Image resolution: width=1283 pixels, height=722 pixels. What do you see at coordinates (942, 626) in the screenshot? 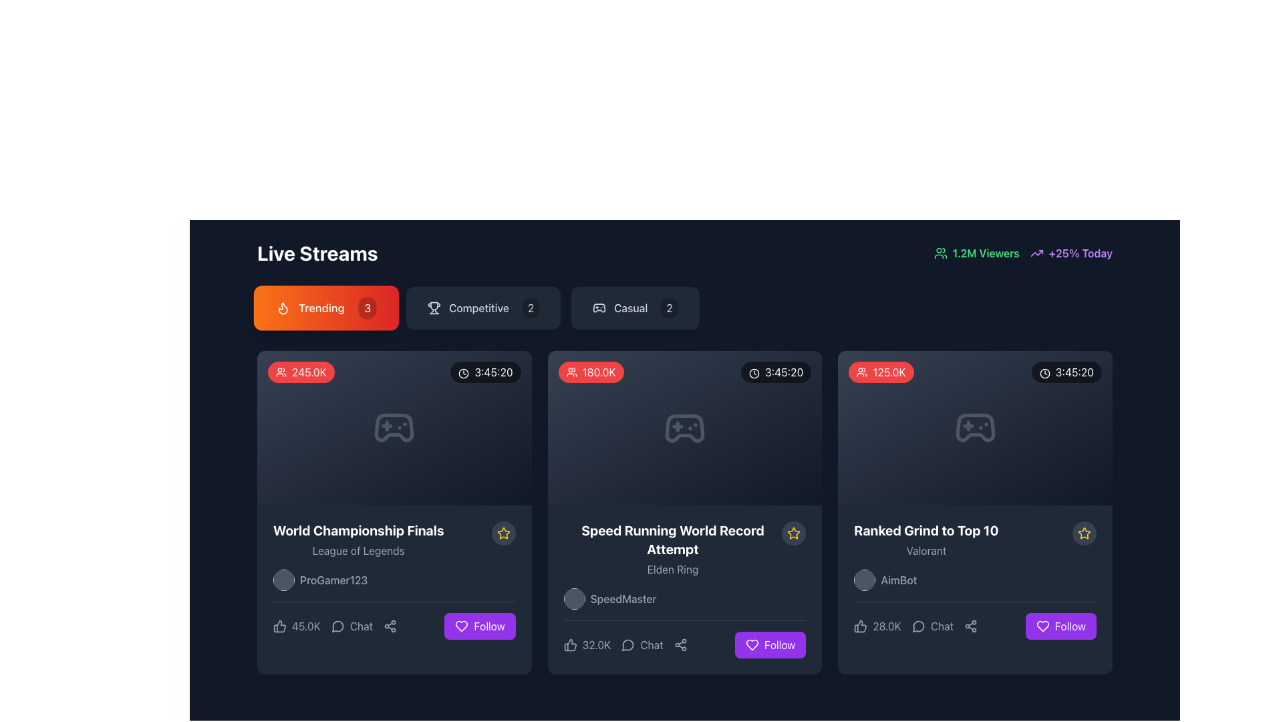
I see `the text label reading 'Chat' located at the bottom right section of the card interface` at bounding box center [942, 626].